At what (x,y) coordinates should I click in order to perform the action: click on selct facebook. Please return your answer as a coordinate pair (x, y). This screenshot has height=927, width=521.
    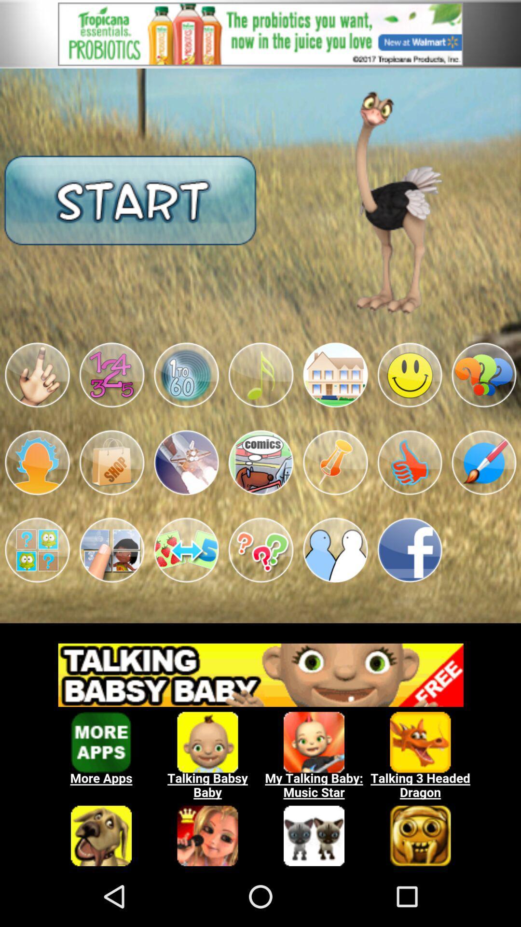
    Looking at the image, I should click on (410, 550).